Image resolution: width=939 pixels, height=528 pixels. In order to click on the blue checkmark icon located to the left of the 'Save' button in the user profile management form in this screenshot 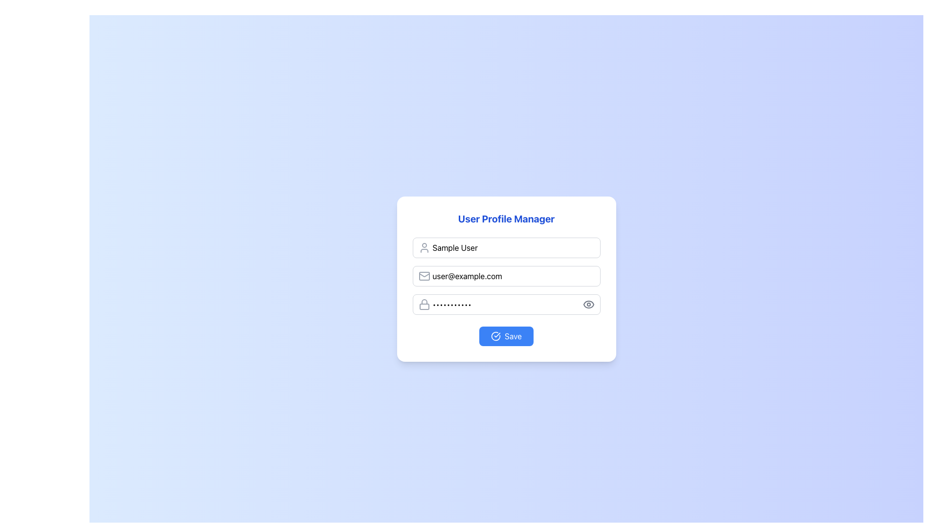, I will do `click(495, 335)`.